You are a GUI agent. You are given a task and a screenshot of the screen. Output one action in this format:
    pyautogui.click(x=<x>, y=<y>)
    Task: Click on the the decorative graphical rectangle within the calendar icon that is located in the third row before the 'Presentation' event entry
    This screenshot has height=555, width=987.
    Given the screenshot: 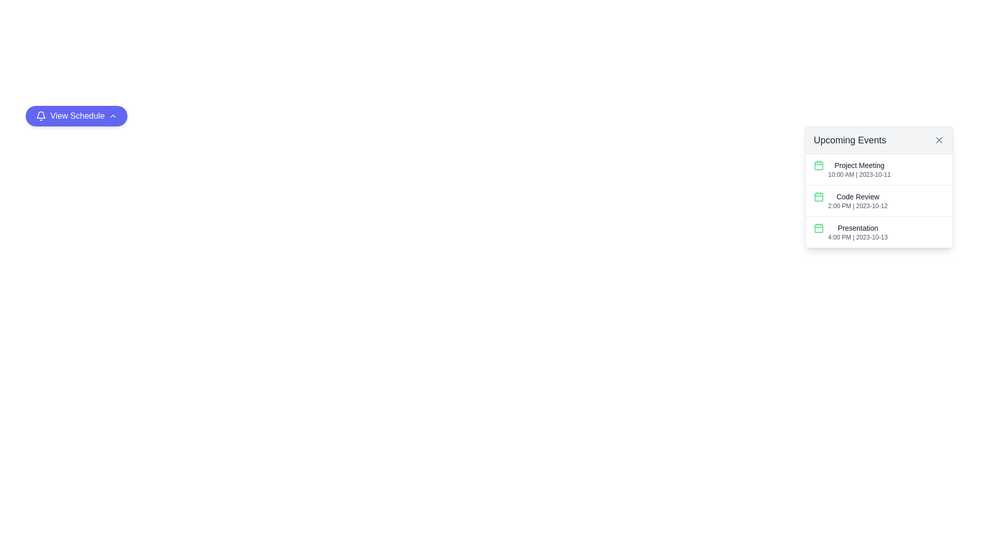 What is the action you would take?
    pyautogui.click(x=818, y=227)
    